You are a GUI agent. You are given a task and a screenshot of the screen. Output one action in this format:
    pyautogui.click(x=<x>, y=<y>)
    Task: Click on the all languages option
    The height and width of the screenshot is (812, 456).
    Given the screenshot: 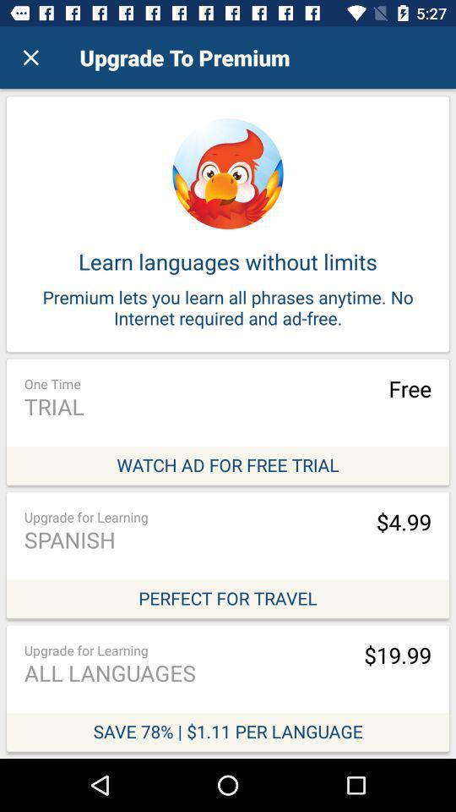 What is the action you would take?
    pyautogui.click(x=228, y=688)
    